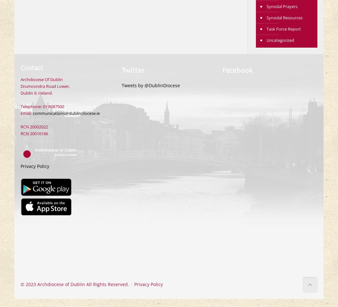  Describe the element at coordinates (66, 113) in the screenshot. I see `'communications@dublindiocese.ie'` at that location.